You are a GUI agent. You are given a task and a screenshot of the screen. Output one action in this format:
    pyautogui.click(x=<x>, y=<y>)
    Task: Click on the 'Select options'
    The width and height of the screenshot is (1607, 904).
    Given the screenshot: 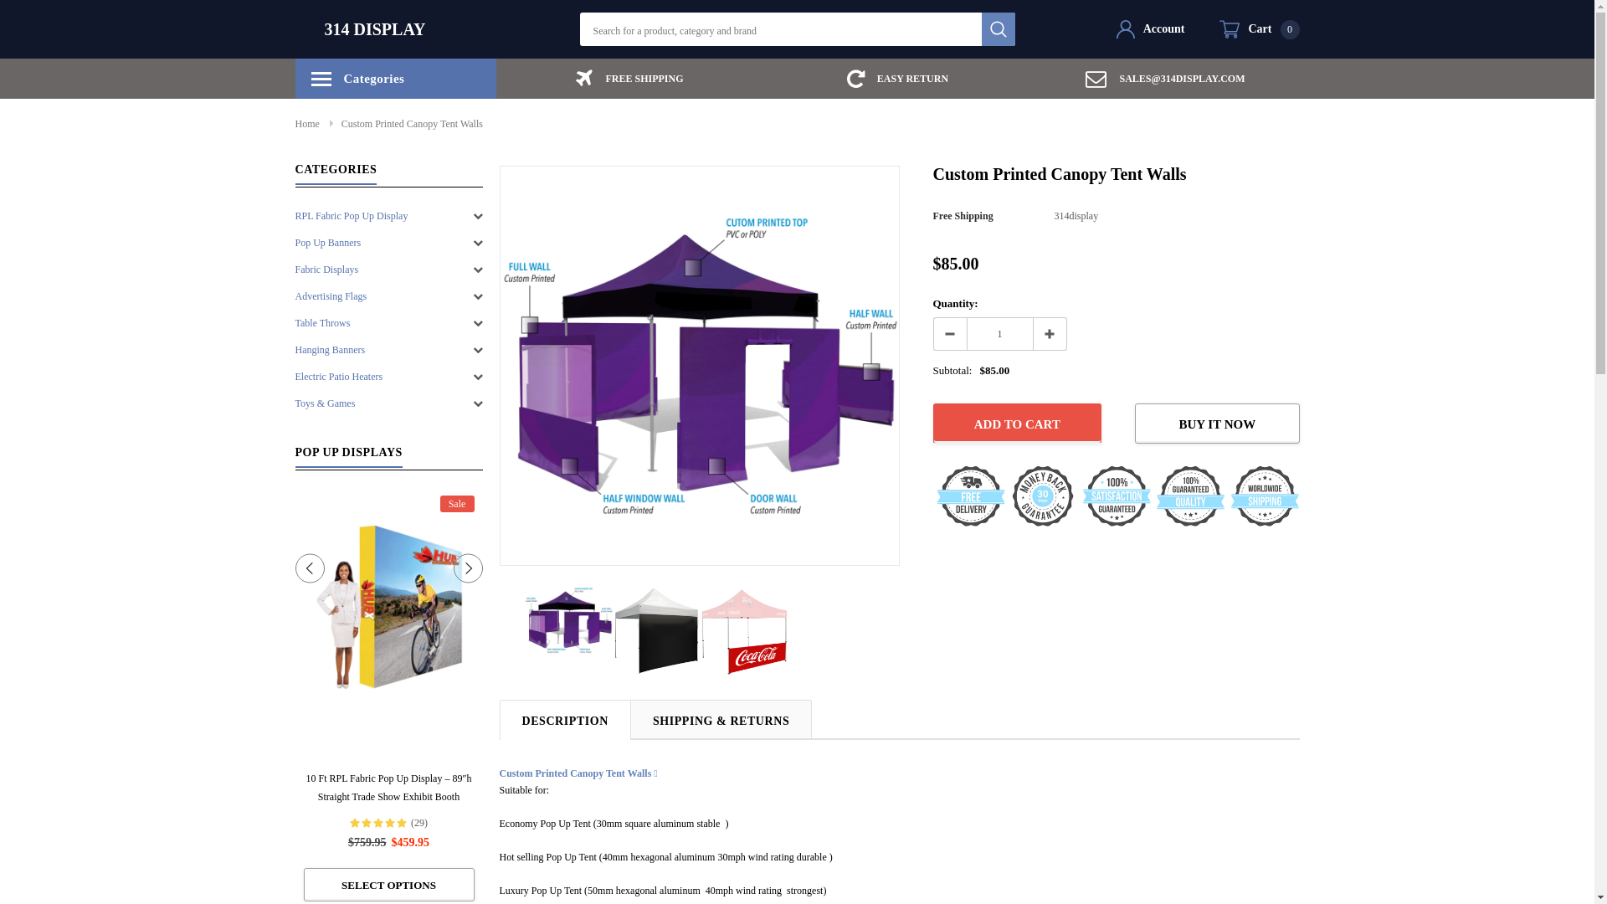 What is the action you would take?
    pyautogui.click(x=388, y=883)
    